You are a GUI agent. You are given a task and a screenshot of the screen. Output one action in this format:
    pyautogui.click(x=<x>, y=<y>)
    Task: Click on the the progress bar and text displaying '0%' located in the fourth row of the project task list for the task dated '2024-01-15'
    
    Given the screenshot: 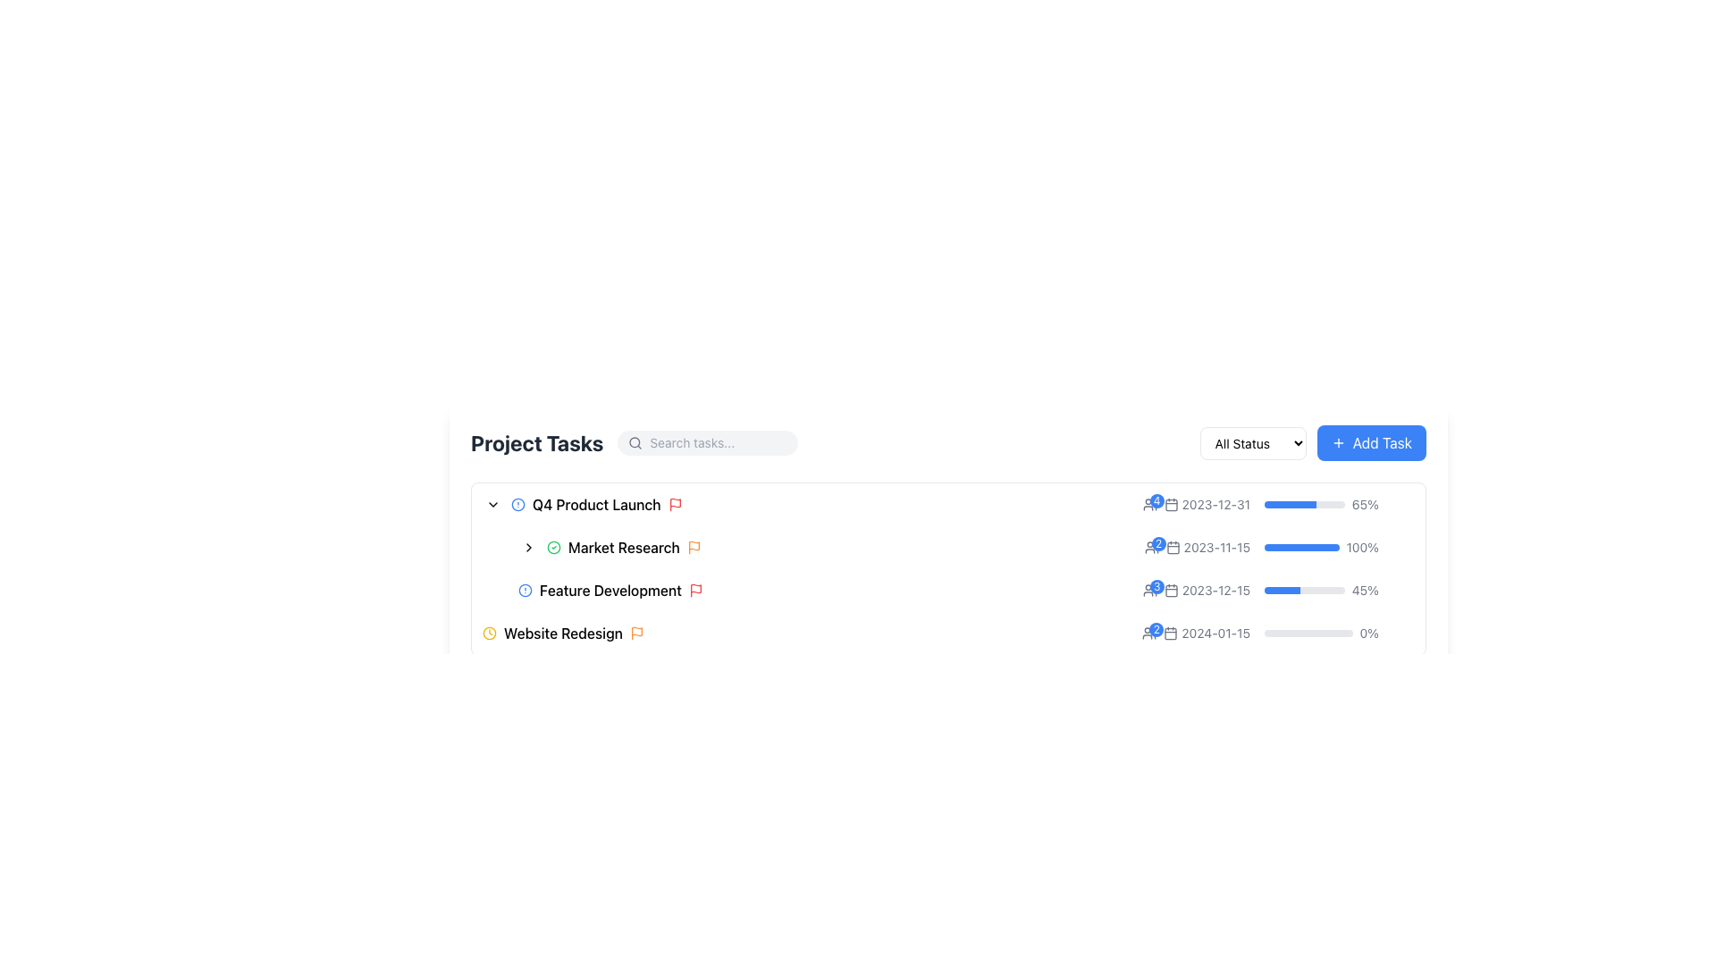 What is the action you would take?
    pyautogui.click(x=1321, y=633)
    